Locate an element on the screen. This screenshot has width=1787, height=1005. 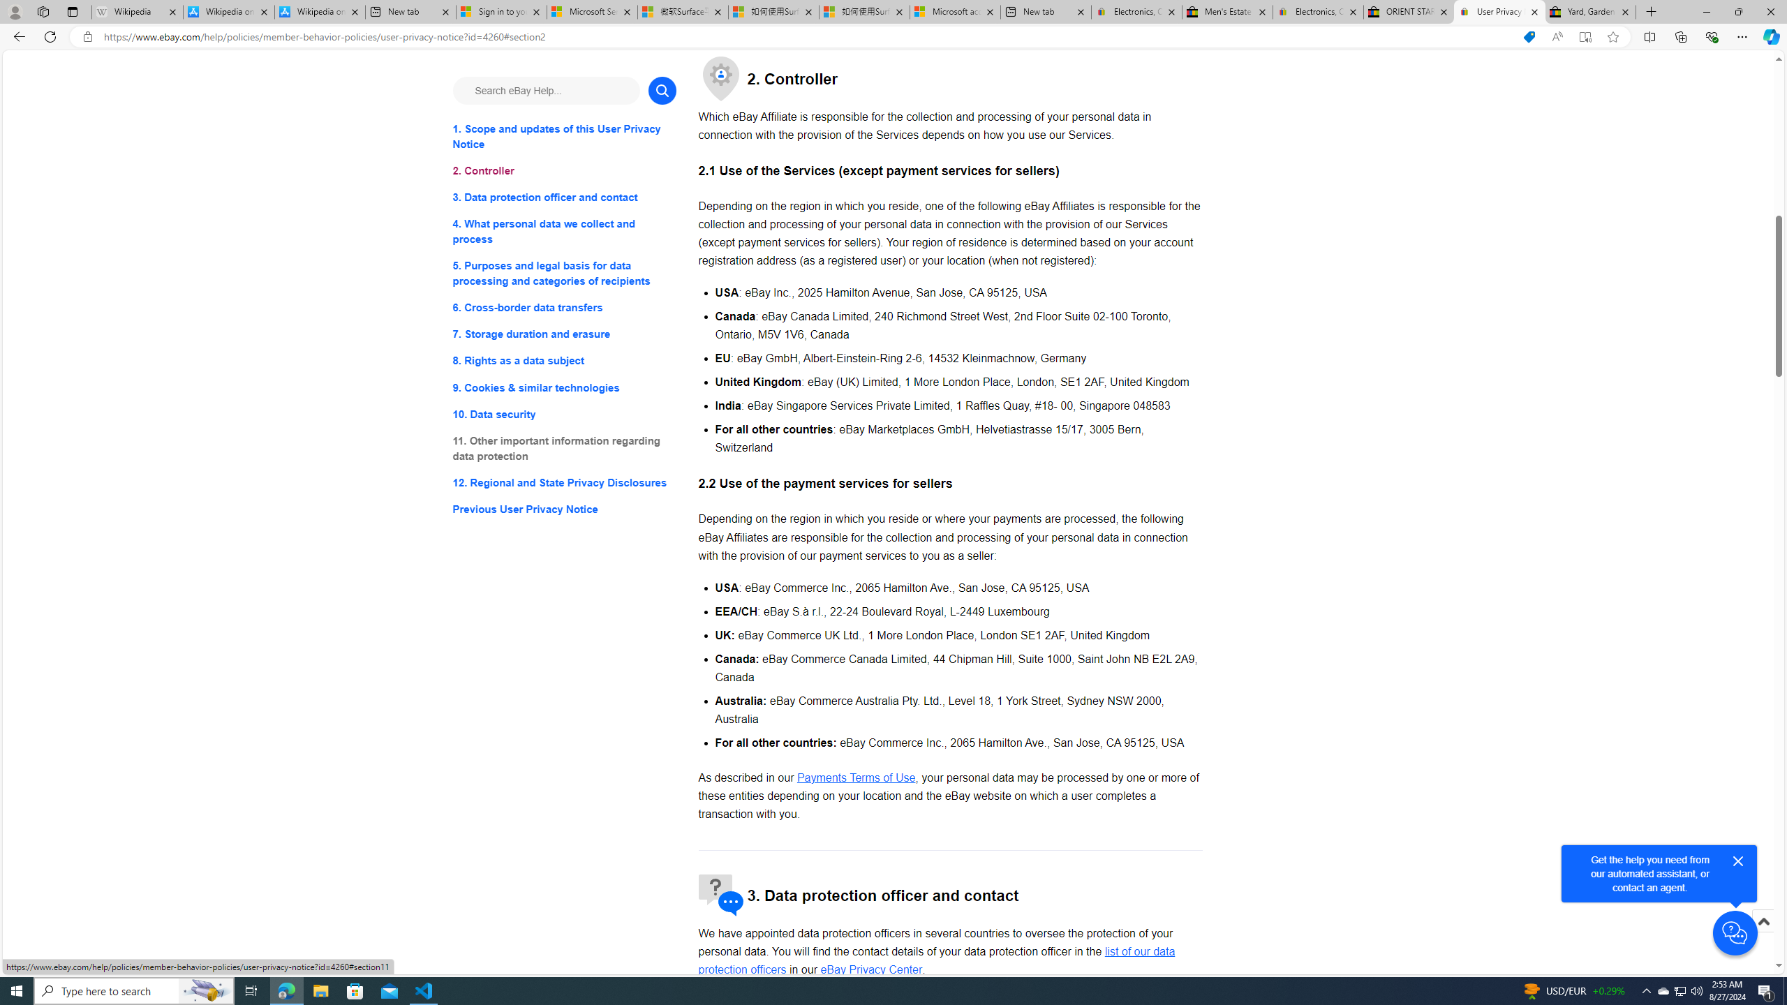
'eBay Privacy Center - opens in new window or tab' is located at coordinates (870, 970).